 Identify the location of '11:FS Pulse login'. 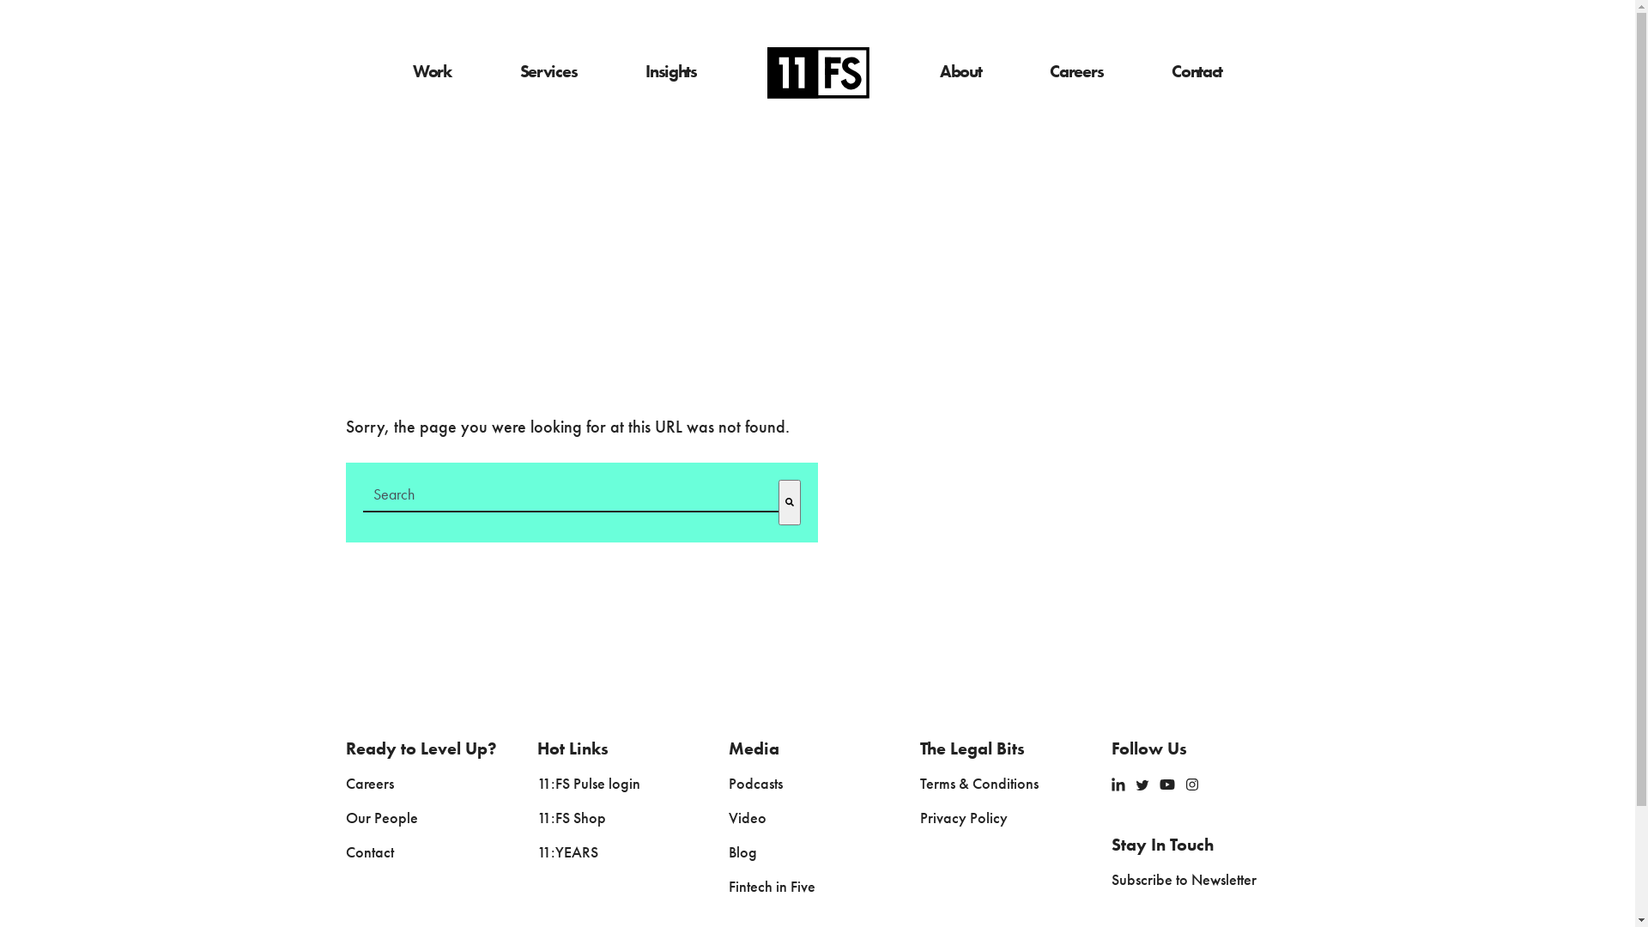
(589, 785).